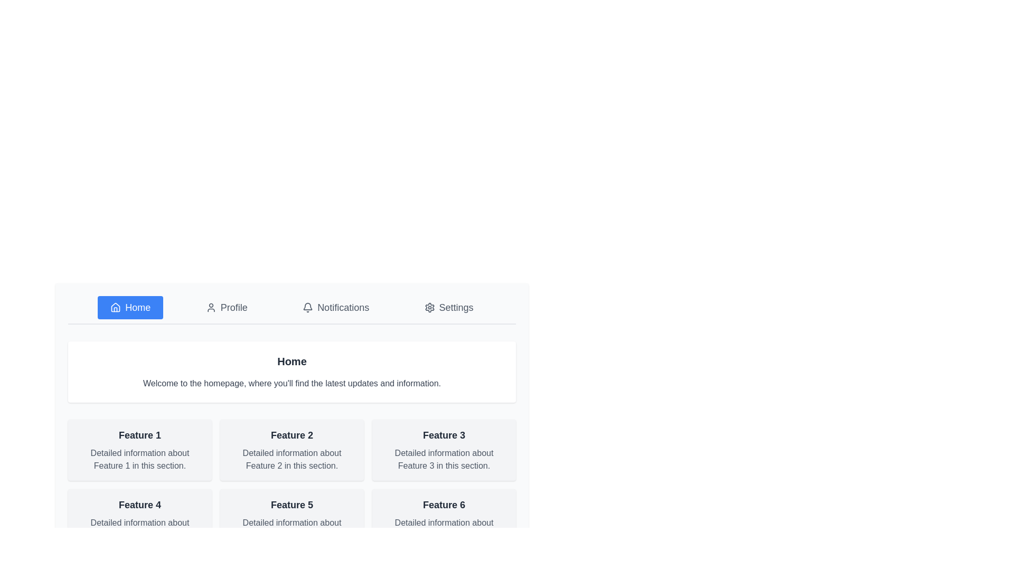 The image size is (1014, 570). I want to click on the static text label that says "Welcome to the homepage, where you'll find the latest updates and information." positioned below the "Home" text in a white rectangular section, so click(292, 383).